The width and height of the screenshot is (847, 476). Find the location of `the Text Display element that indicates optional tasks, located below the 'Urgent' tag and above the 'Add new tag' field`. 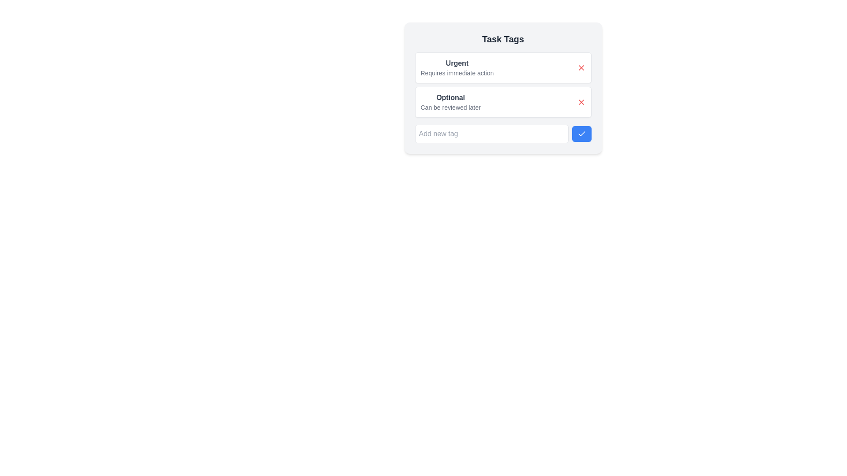

the Text Display element that indicates optional tasks, located below the 'Urgent' tag and above the 'Add new tag' field is located at coordinates (450, 101).